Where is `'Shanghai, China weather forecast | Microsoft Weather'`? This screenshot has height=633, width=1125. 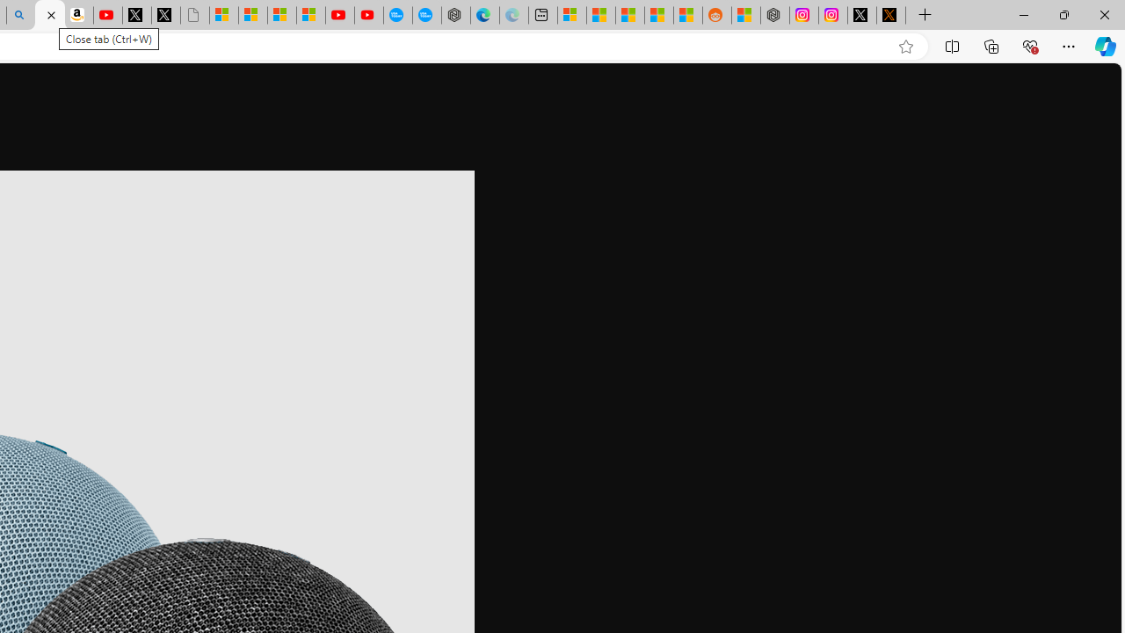
'Shanghai, China weather forecast | Microsoft Weather' is located at coordinates (601, 15).